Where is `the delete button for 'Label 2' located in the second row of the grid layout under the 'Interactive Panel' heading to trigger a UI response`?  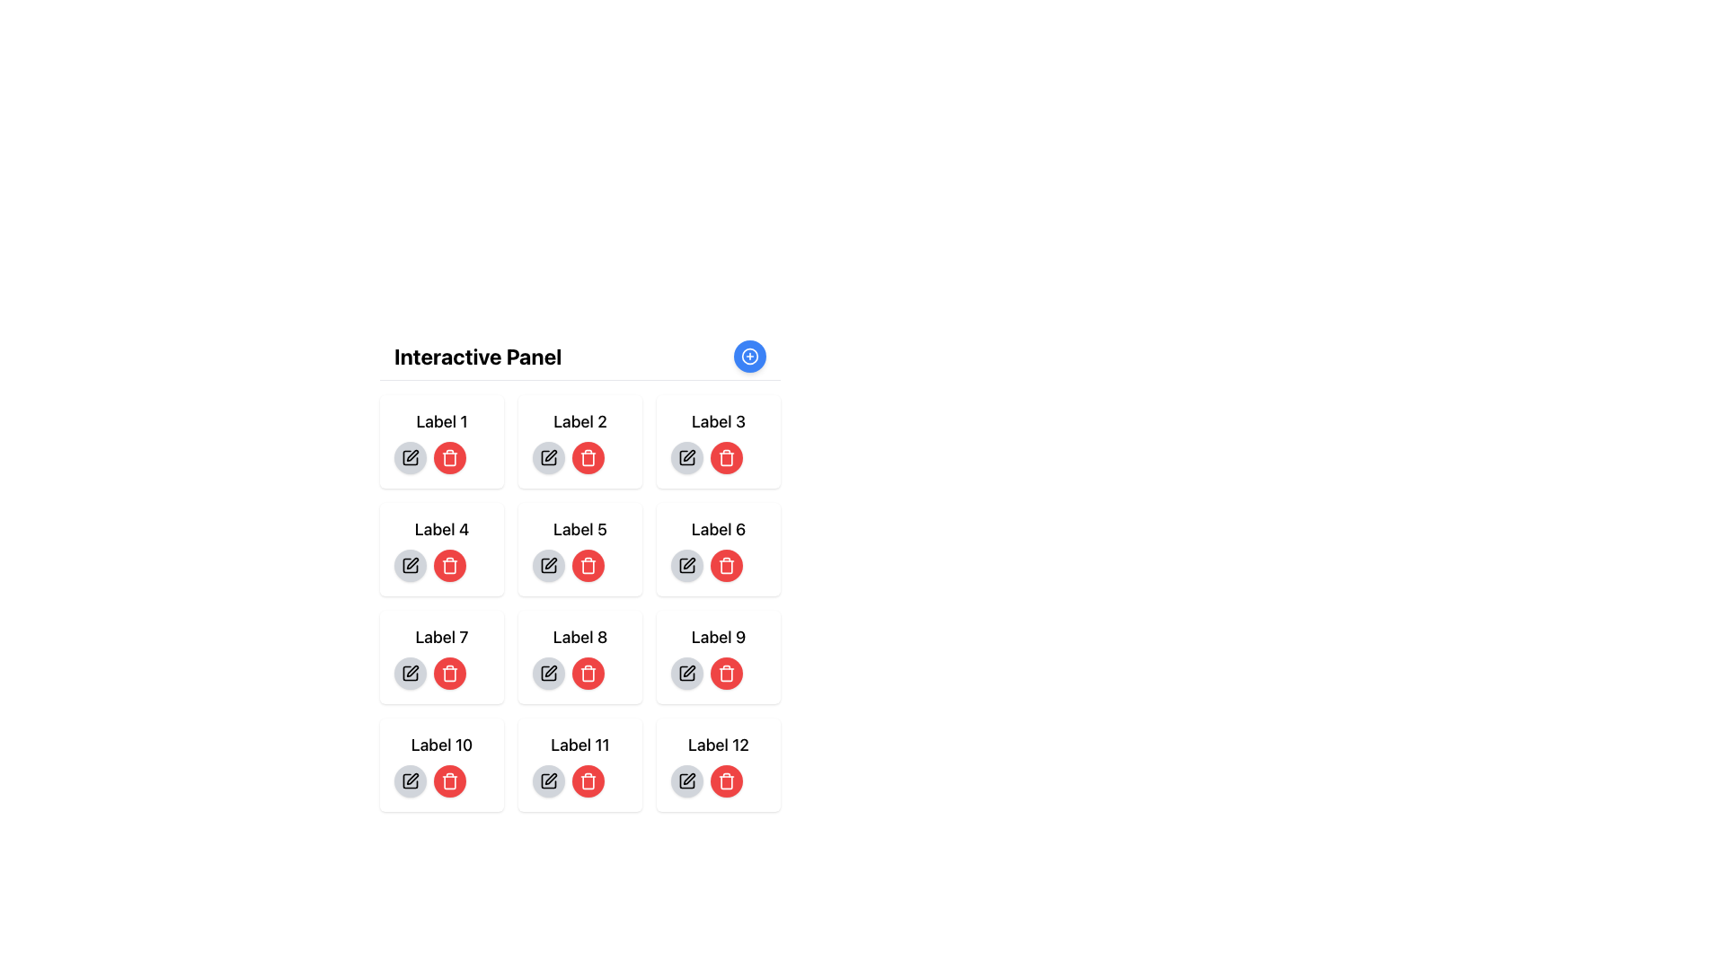
the delete button for 'Label 2' located in the second row of the grid layout under the 'Interactive Panel' heading to trigger a UI response is located at coordinates (588, 456).